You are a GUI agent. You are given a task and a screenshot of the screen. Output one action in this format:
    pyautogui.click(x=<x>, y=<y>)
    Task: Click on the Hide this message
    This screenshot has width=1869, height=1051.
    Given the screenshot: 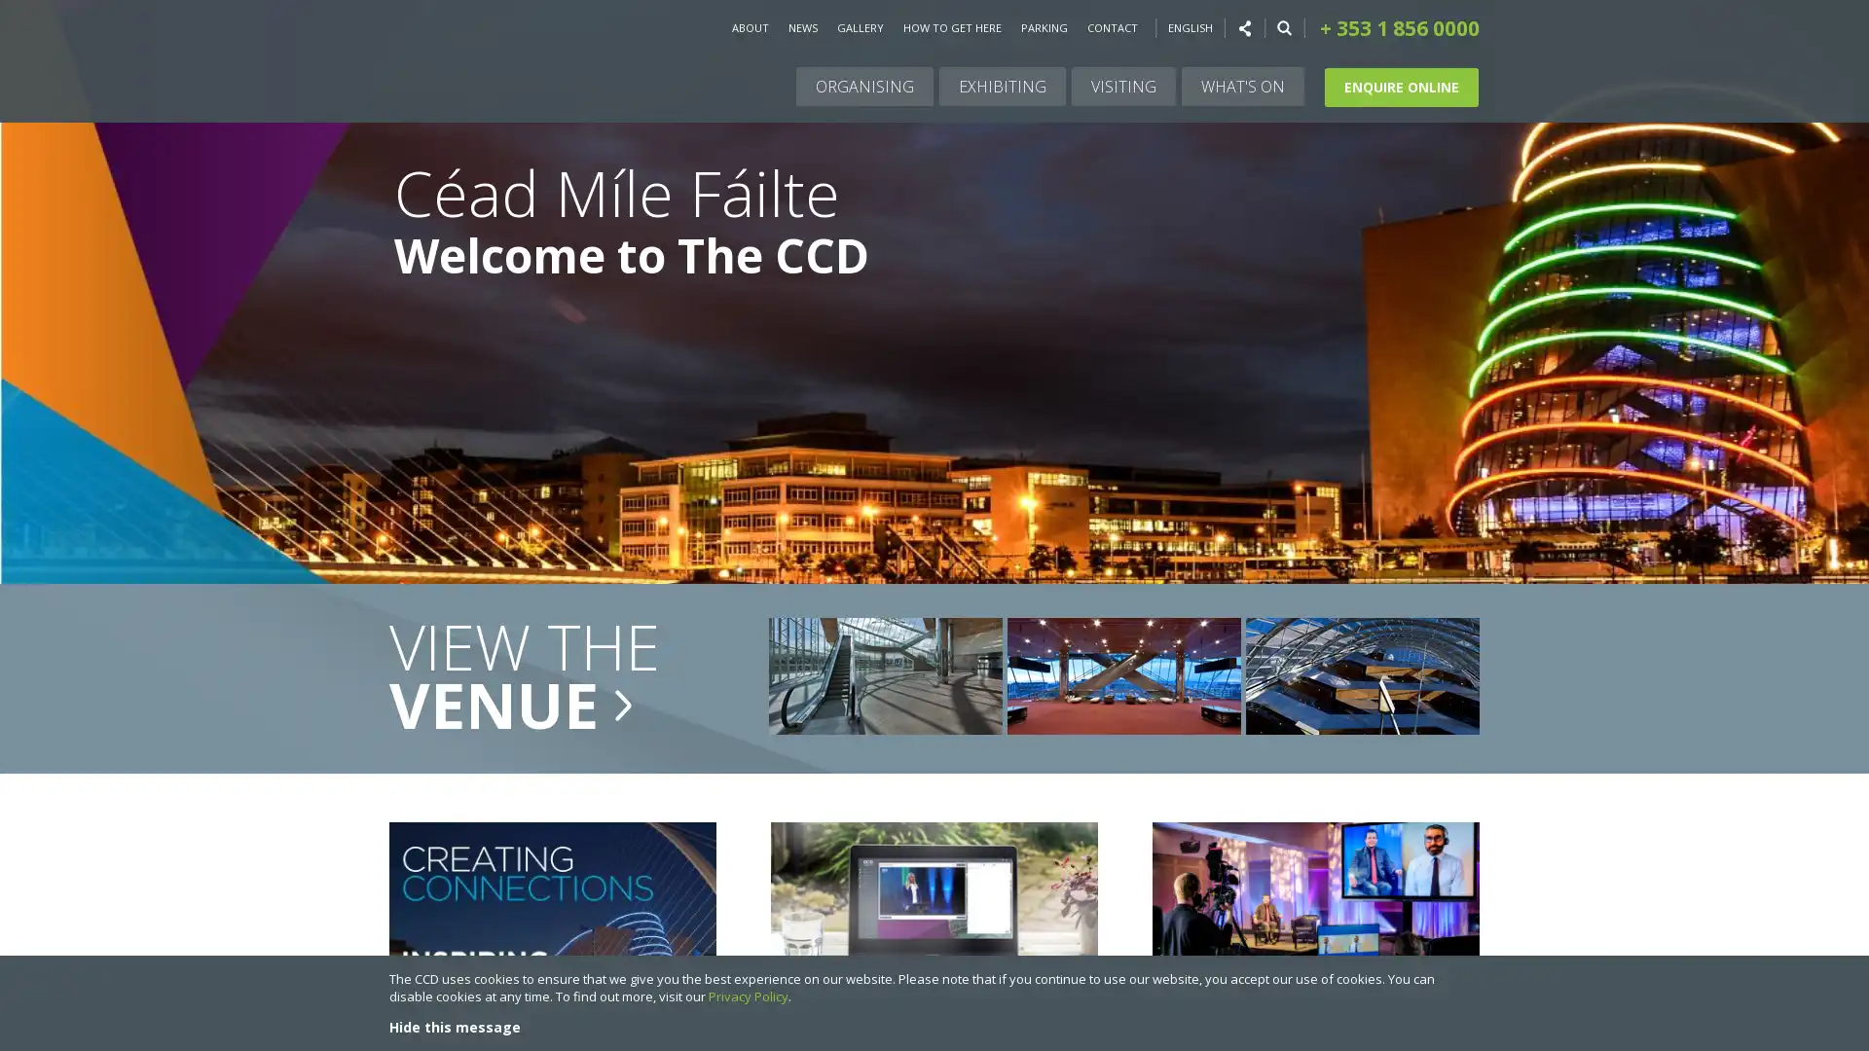 What is the action you would take?
    pyautogui.click(x=454, y=1026)
    